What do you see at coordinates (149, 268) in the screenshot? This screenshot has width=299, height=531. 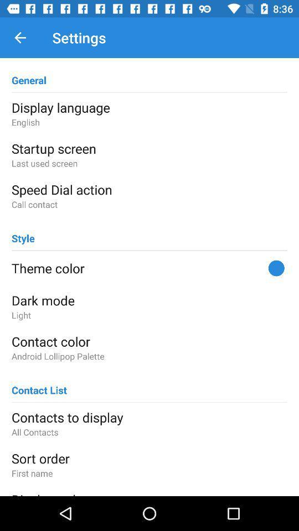 I see `the theme color` at bounding box center [149, 268].